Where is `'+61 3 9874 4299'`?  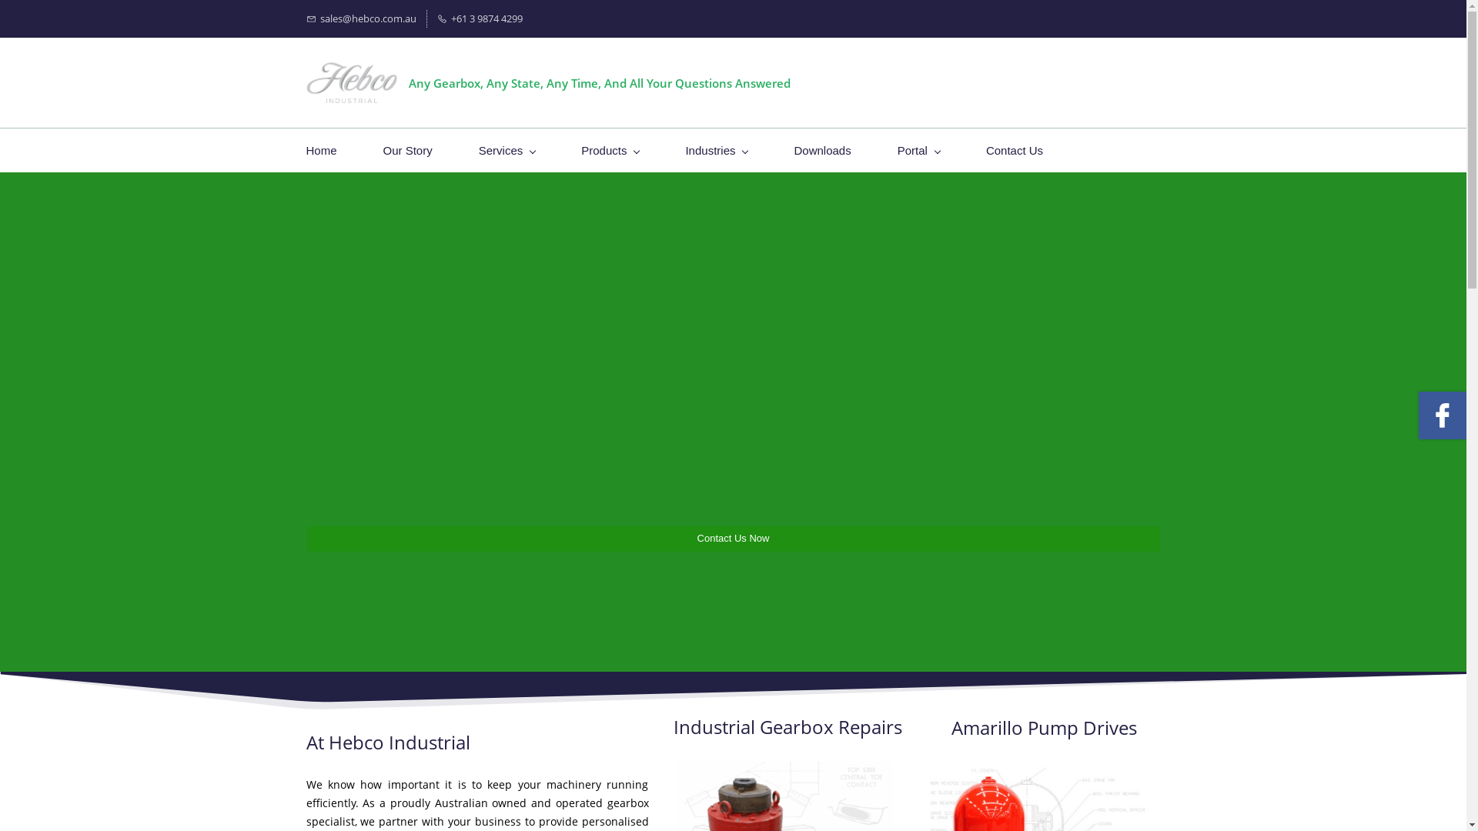 '+61 3 9874 4299' is located at coordinates (436, 18).